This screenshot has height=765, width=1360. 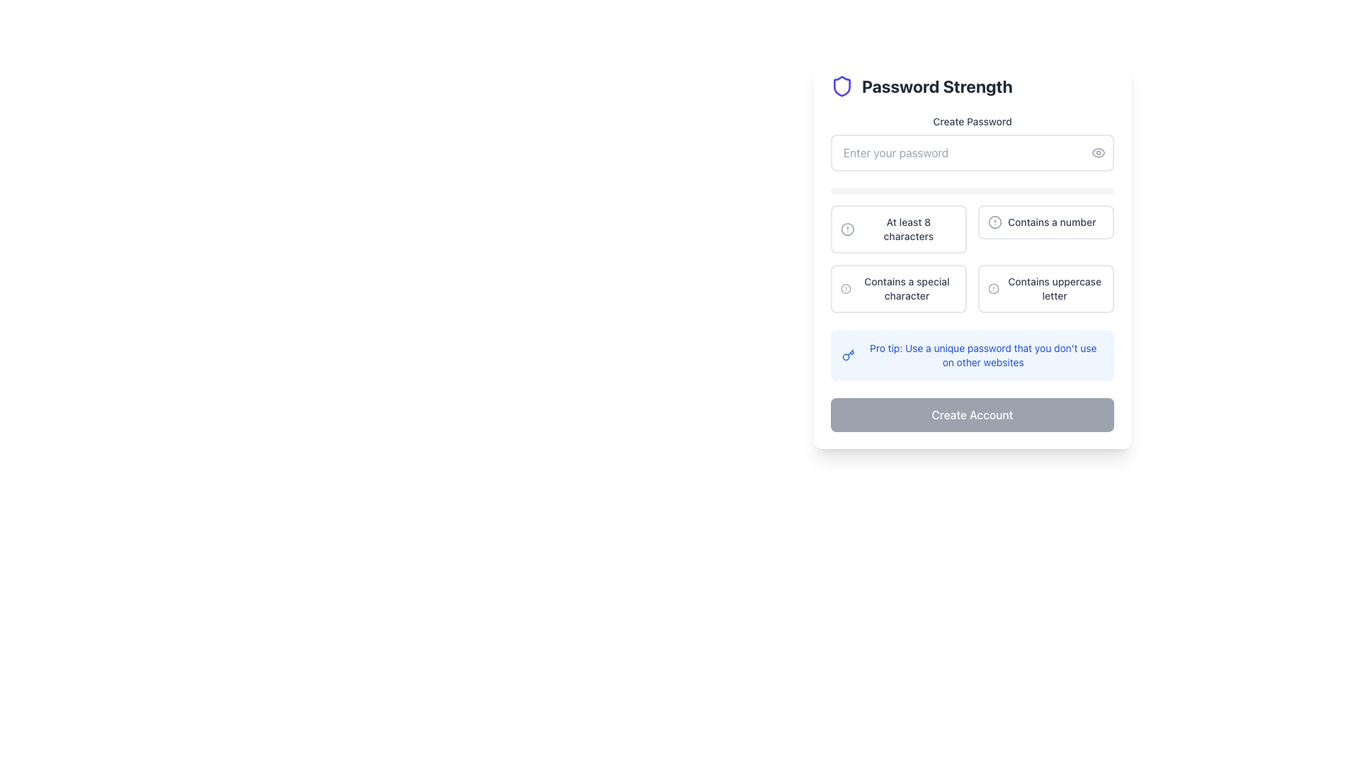 I want to click on the rounded gray icon with an alert/exclamation representation located in the top-left corner of the password requirements section, adjacent to the text 'At least 8 characters', so click(x=847, y=229).